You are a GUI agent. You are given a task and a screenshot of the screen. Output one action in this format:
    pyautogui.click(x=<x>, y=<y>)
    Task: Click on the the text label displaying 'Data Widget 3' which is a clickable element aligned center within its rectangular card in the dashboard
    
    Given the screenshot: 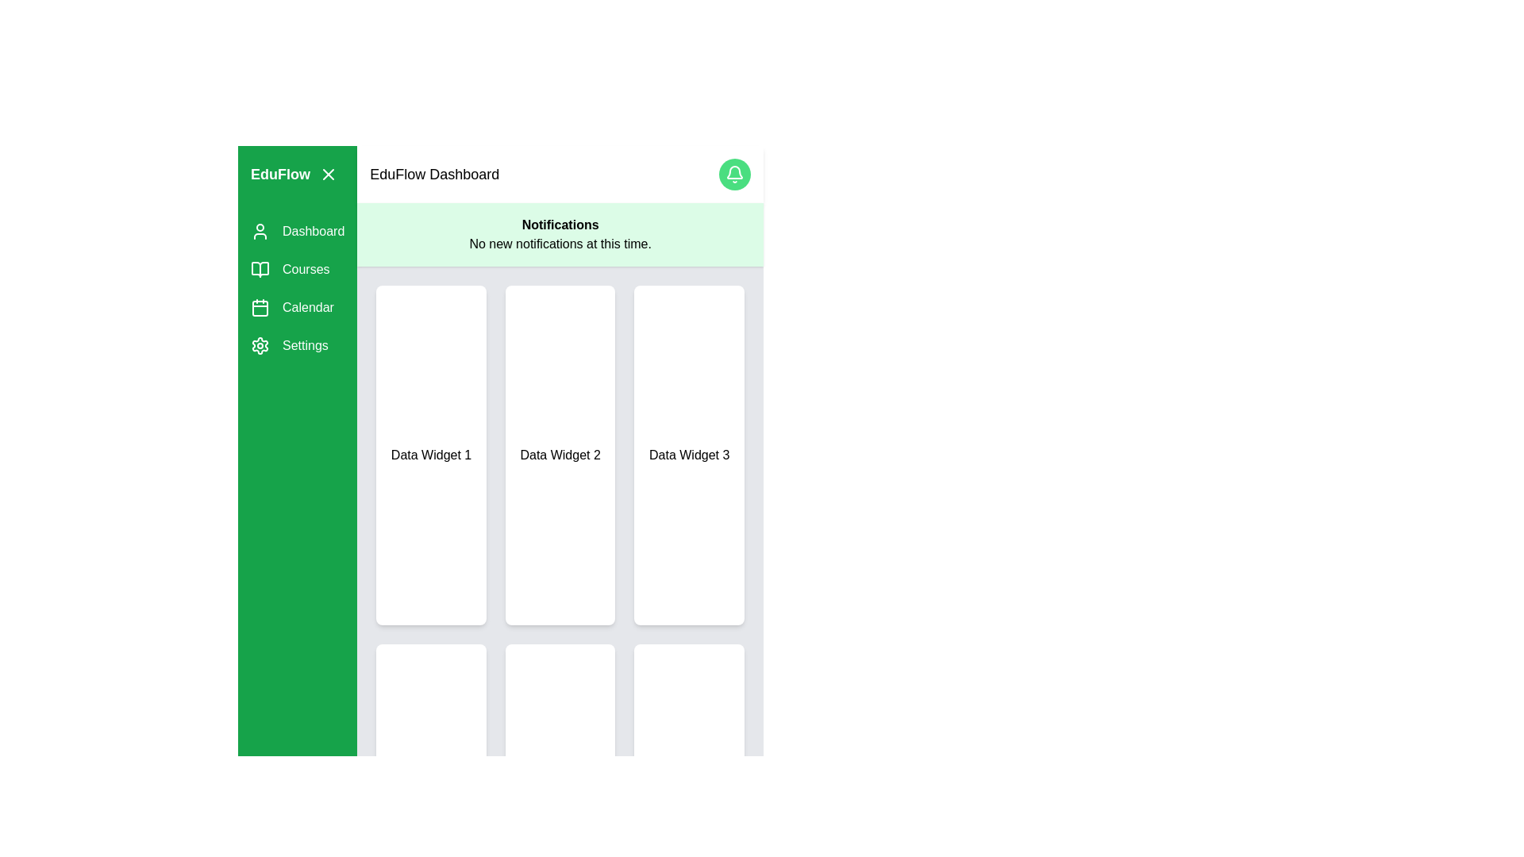 What is the action you would take?
    pyautogui.click(x=689, y=455)
    